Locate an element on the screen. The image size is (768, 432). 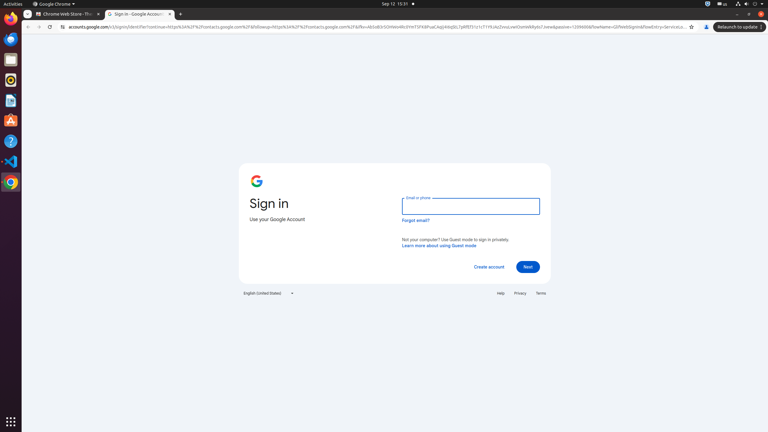
':1.21/StatusNotifierItem' is located at coordinates (722, 4).